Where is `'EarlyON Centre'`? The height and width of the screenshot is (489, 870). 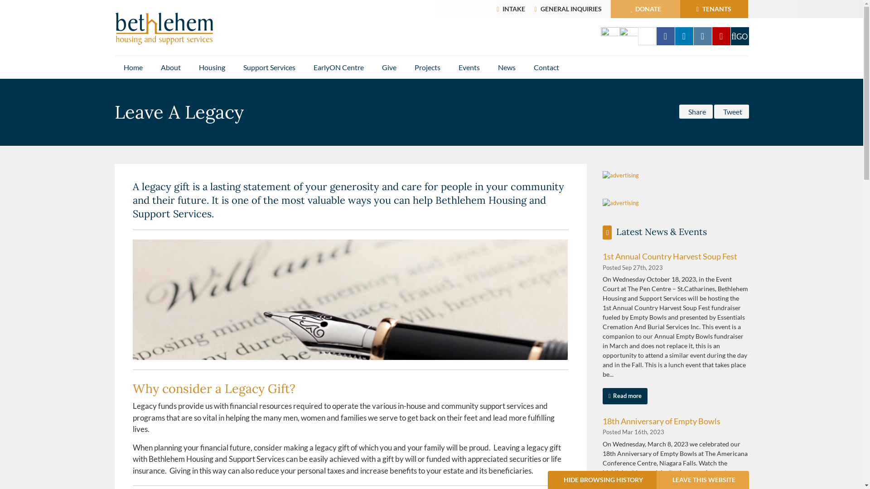 'EarlyON Centre' is located at coordinates (338, 67).